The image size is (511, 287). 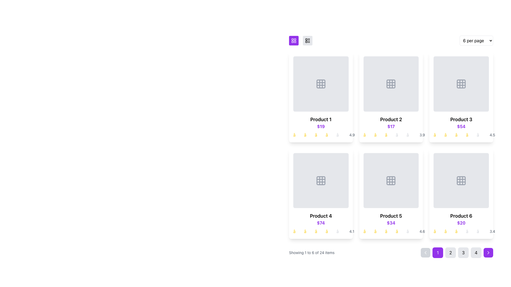 I want to click on the Product Card located in the first row and third column of the grid layout, so click(x=461, y=97).